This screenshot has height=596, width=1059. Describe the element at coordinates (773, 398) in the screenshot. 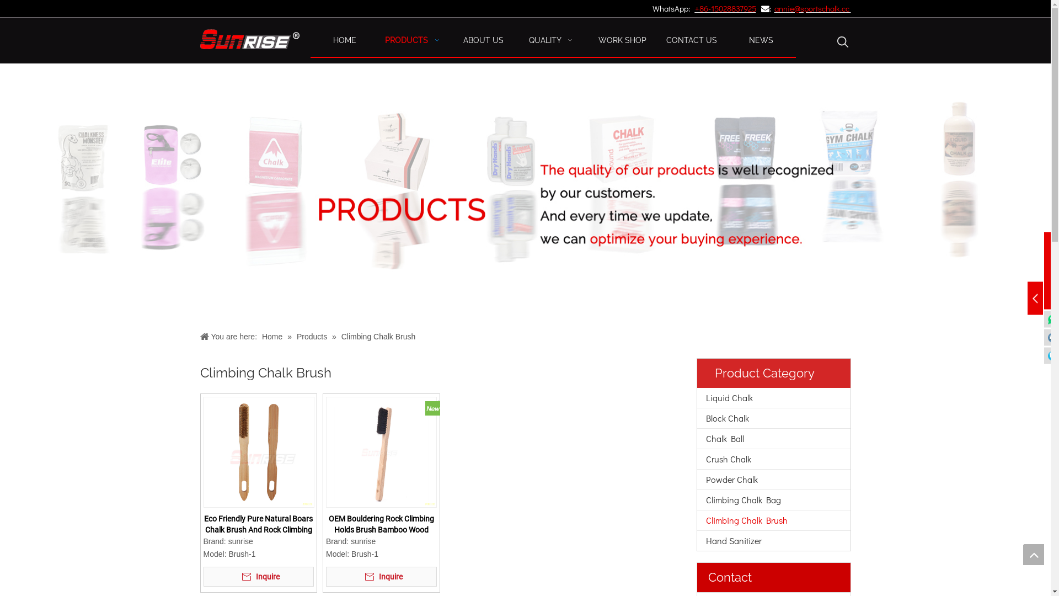

I see `'Liquid Chalk'` at that location.